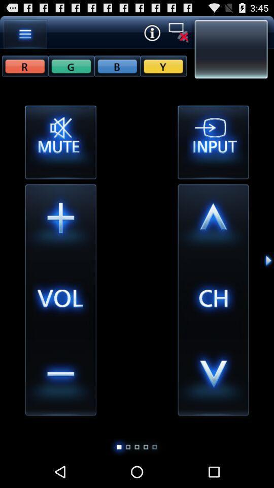 The image size is (274, 488). What do you see at coordinates (25, 36) in the screenshot?
I see `the menu icon` at bounding box center [25, 36].